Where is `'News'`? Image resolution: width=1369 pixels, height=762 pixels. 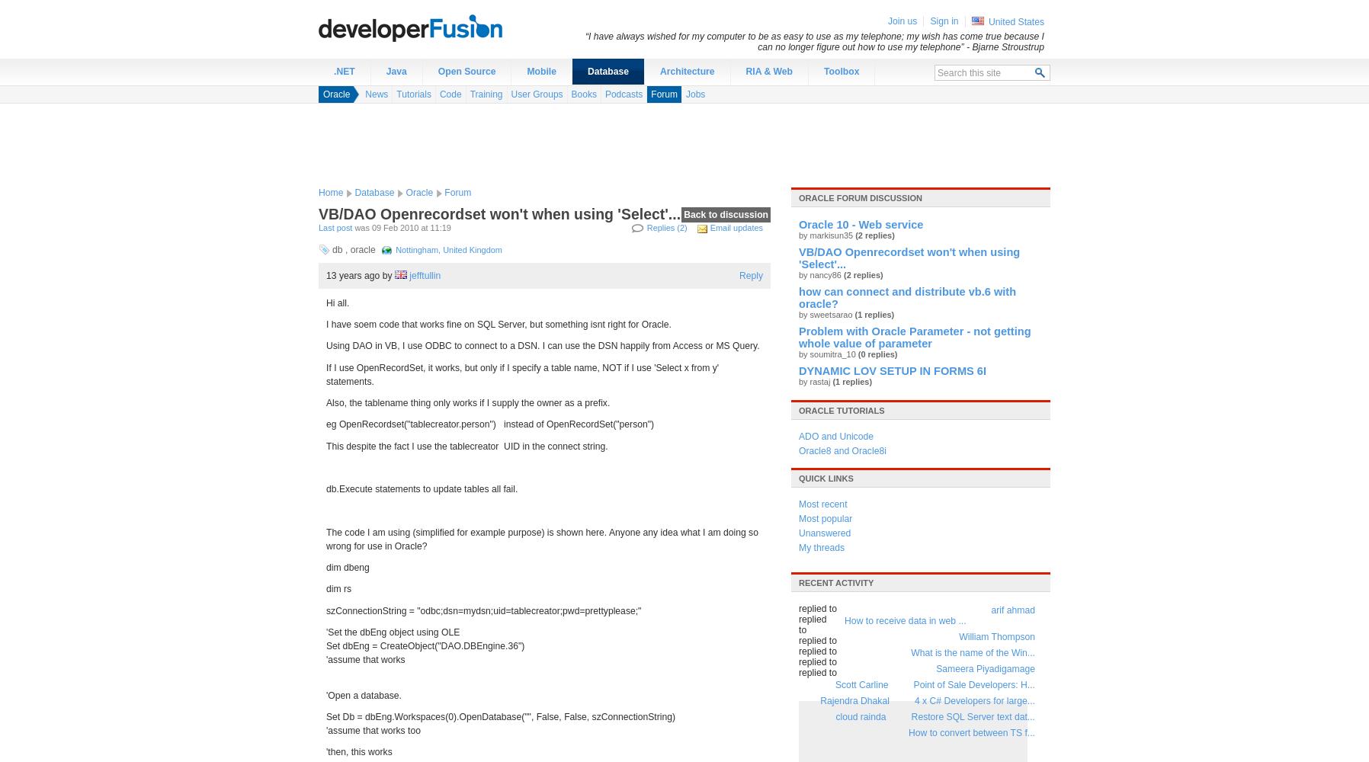 'News' is located at coordinates (364, 94).